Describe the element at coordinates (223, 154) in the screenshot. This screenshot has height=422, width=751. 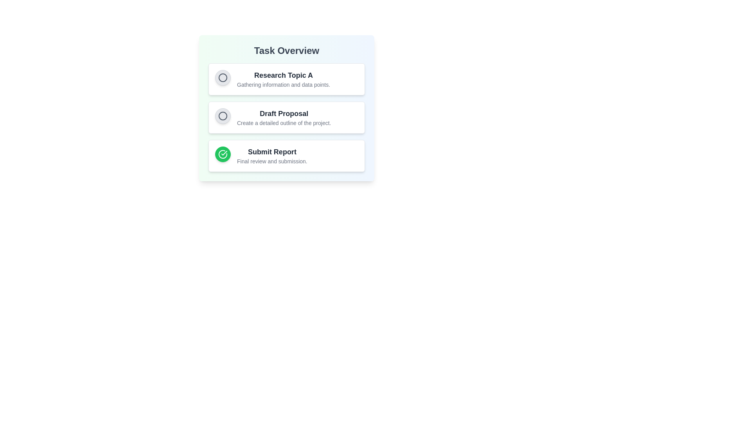
I see `the green circular button with a checkmark symbol` at that location.